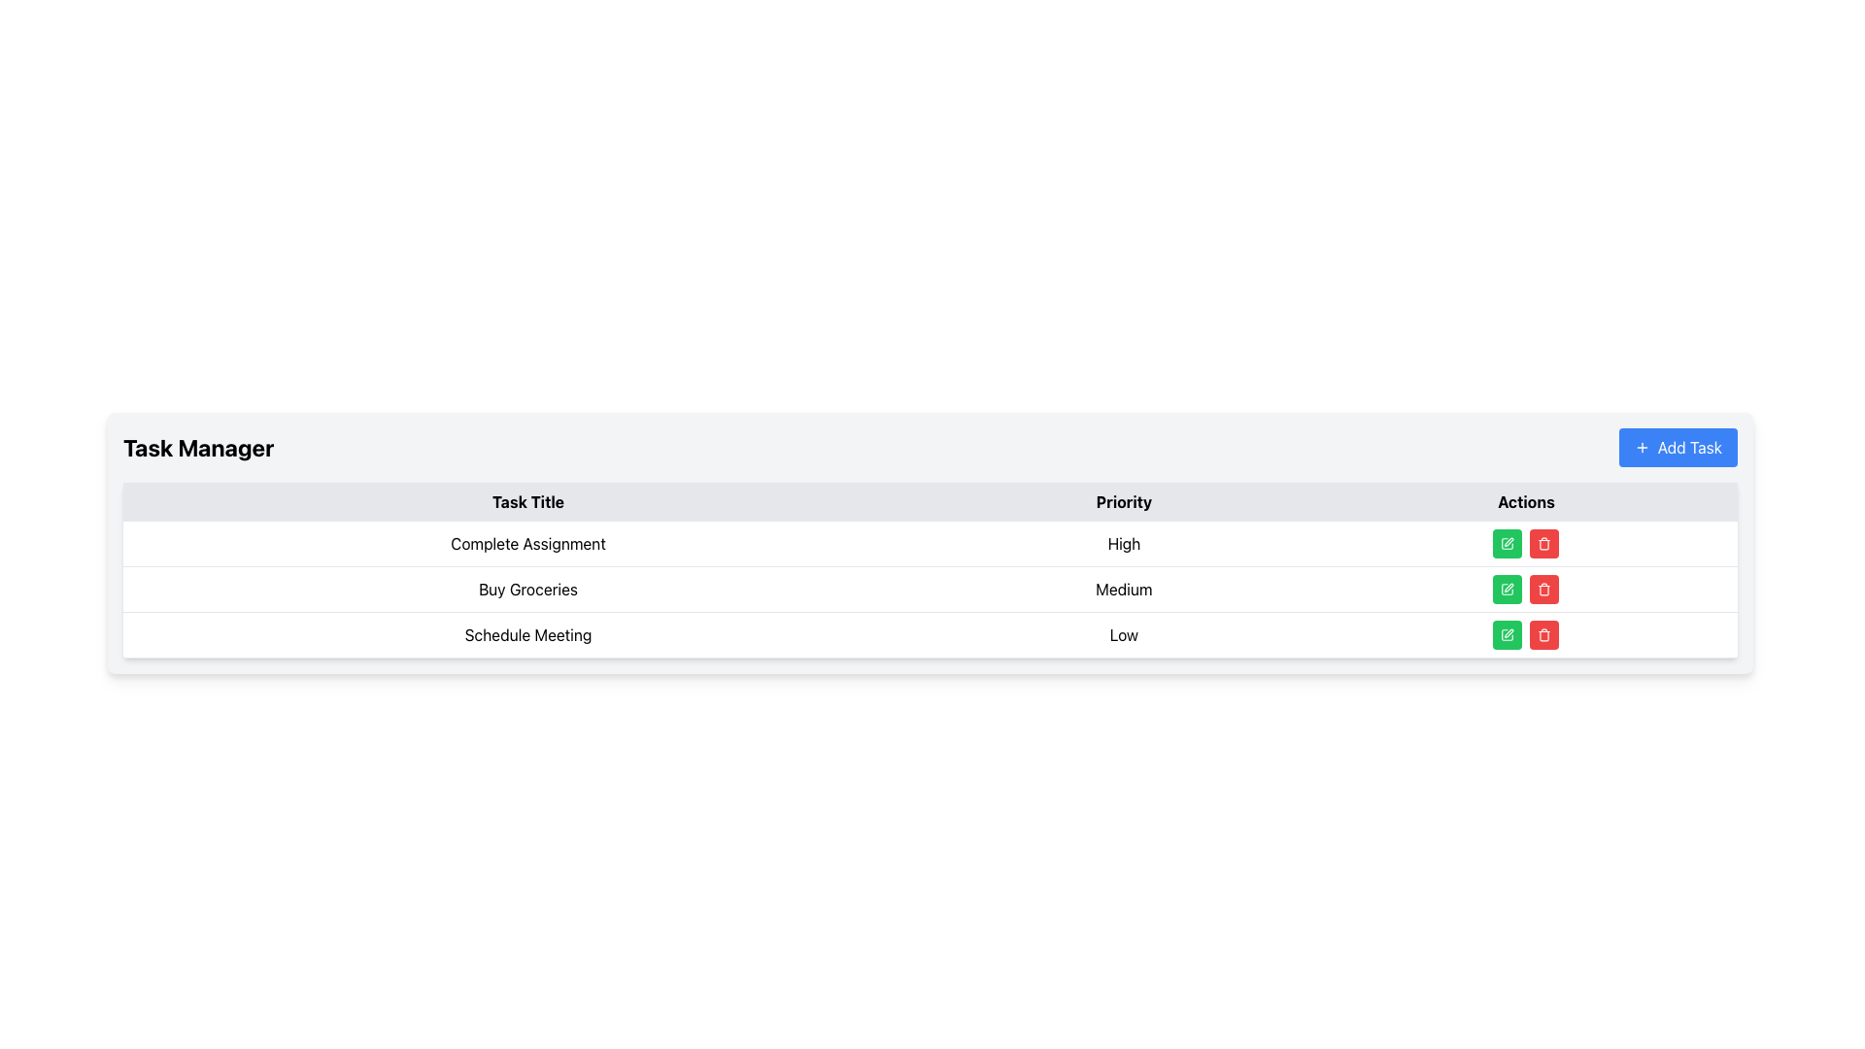 The width and height of the screenshot is (1865, 1049). Describe the element at coordinates (1507, 588) in the screenshot. I see `the green rectangular button with a pencil icon in the 'Actions' column of the table for the 'Buy Groceries' task` at that location.